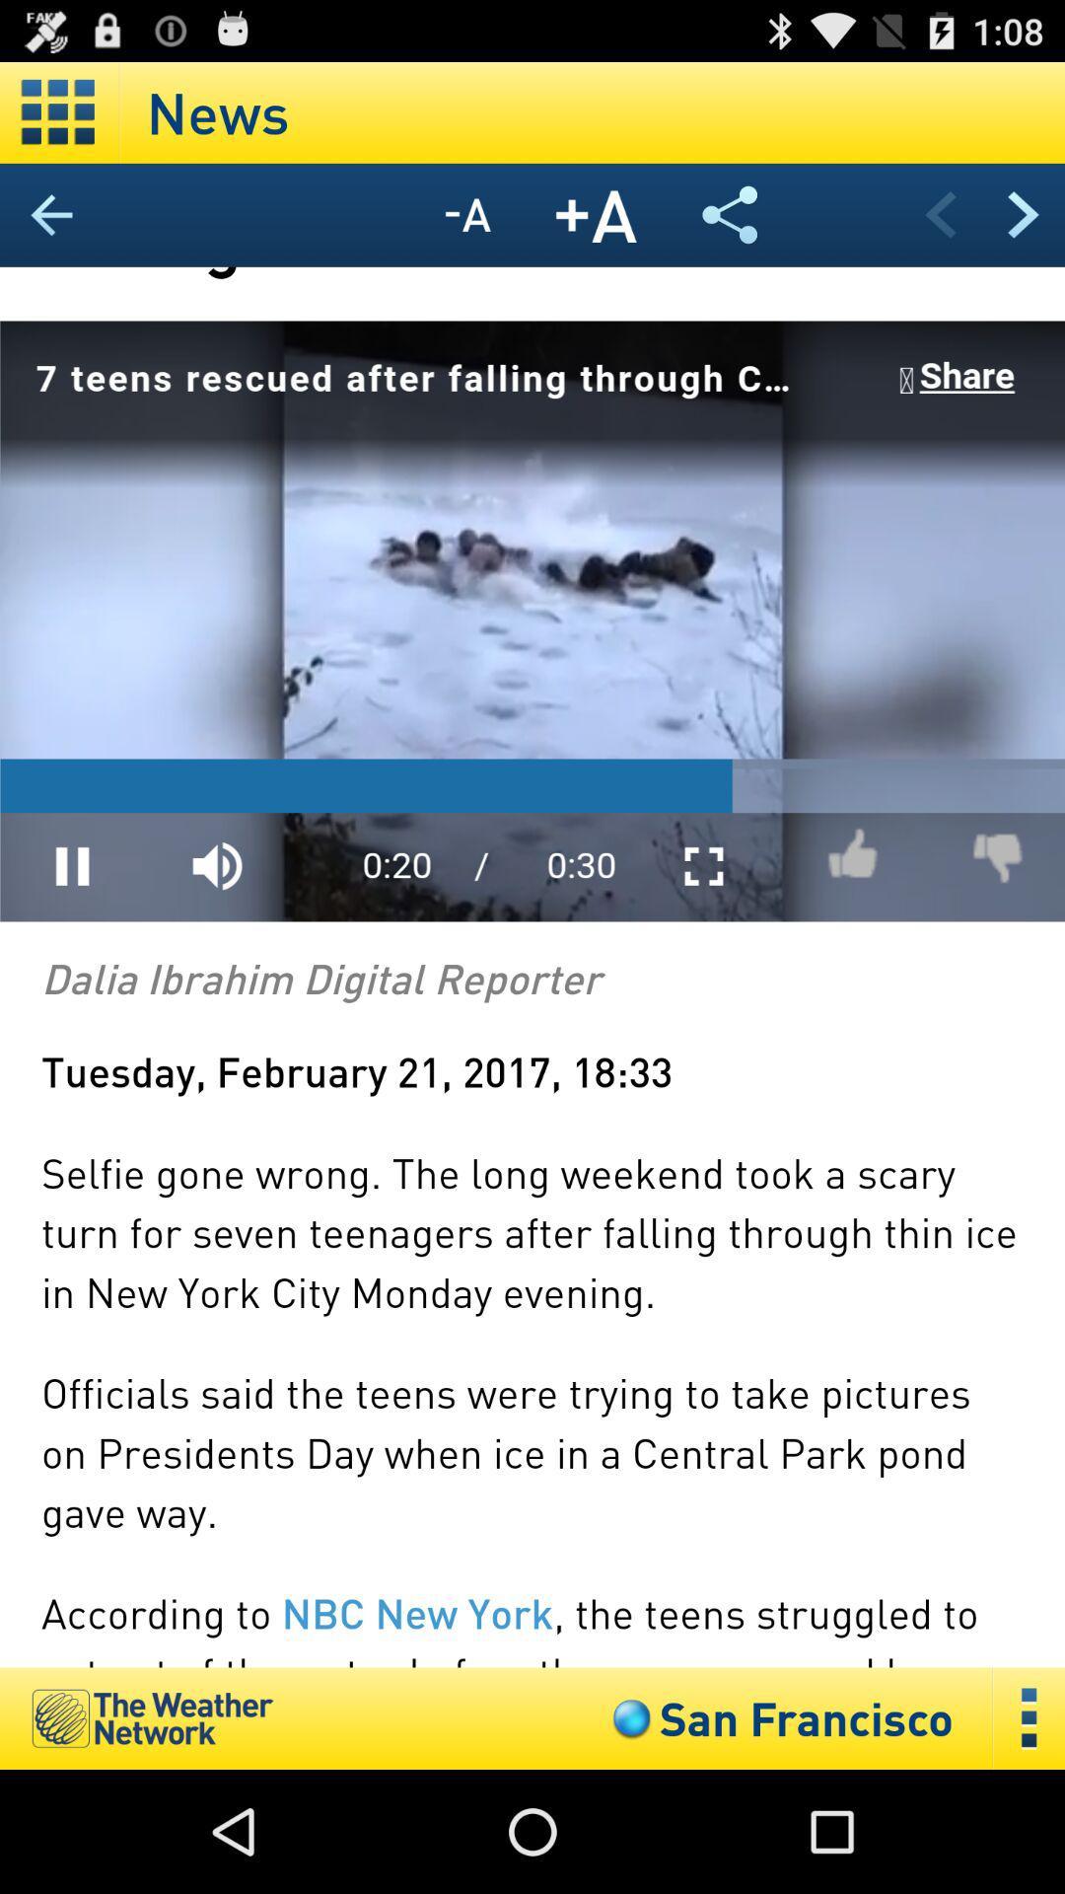 The image size is (1065, 1894). Describe the element at coordinates (1029, 1717) in the screenshot. I see `more options` at that location.